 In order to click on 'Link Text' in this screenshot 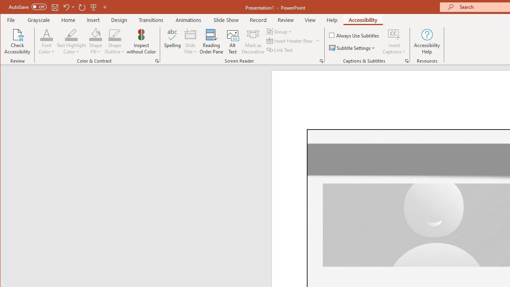, I will do `click(280, 50)`.